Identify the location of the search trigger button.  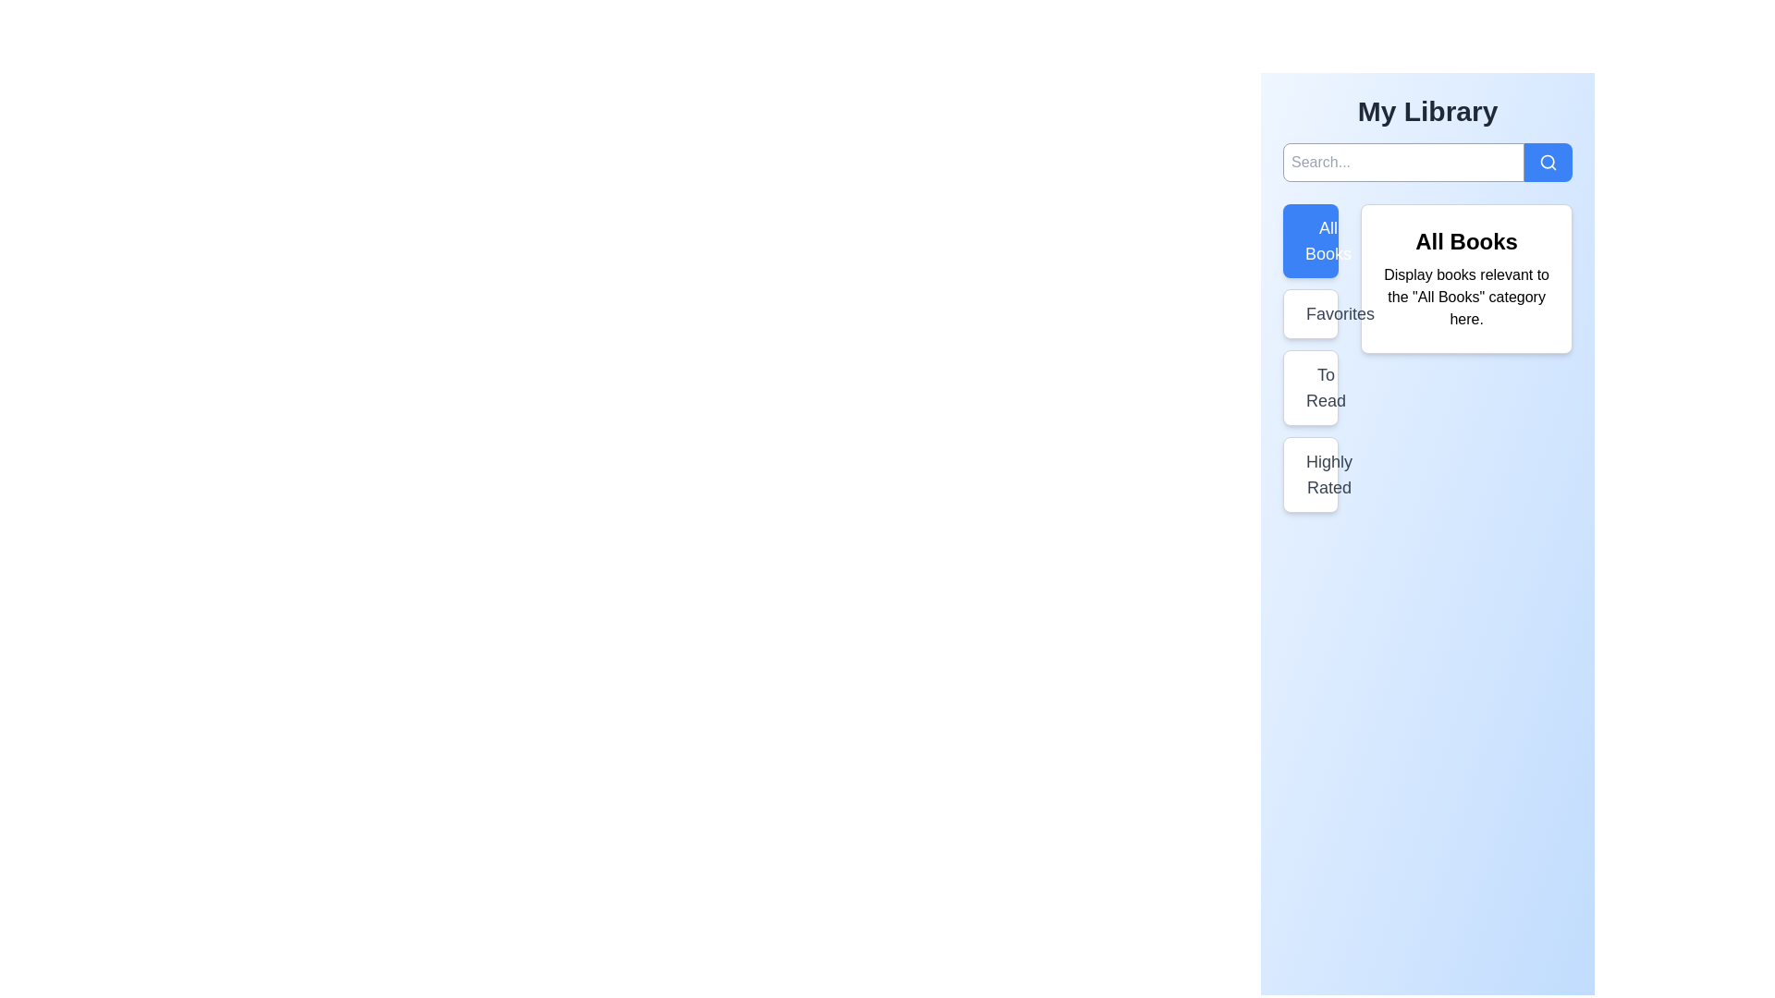
(1549, 162).